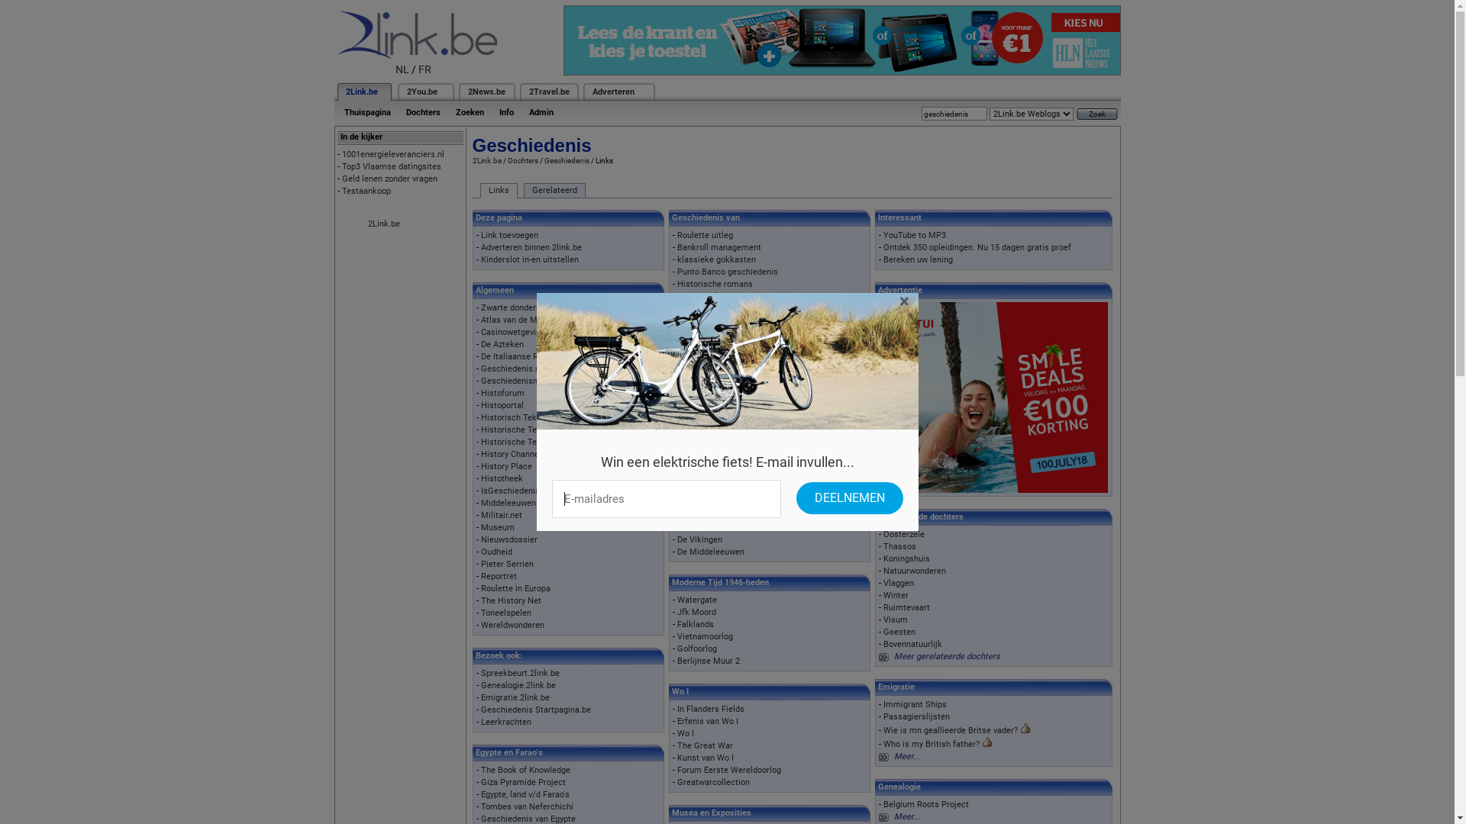  I want to click on 'In Flanders Fields', so click(710, 709).